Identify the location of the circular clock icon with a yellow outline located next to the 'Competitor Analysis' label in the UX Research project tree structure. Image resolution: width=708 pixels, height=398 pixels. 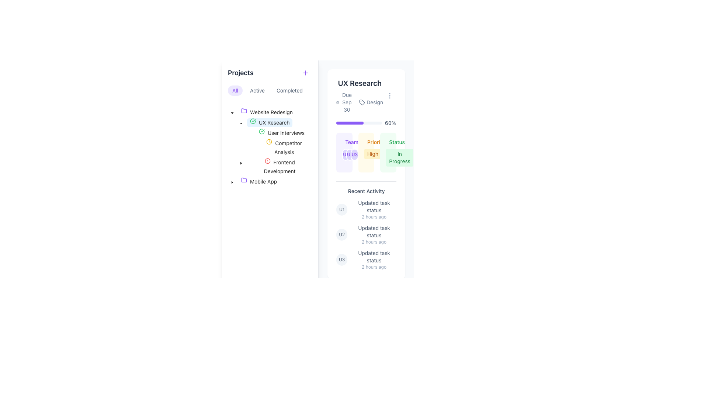
(270, 143).